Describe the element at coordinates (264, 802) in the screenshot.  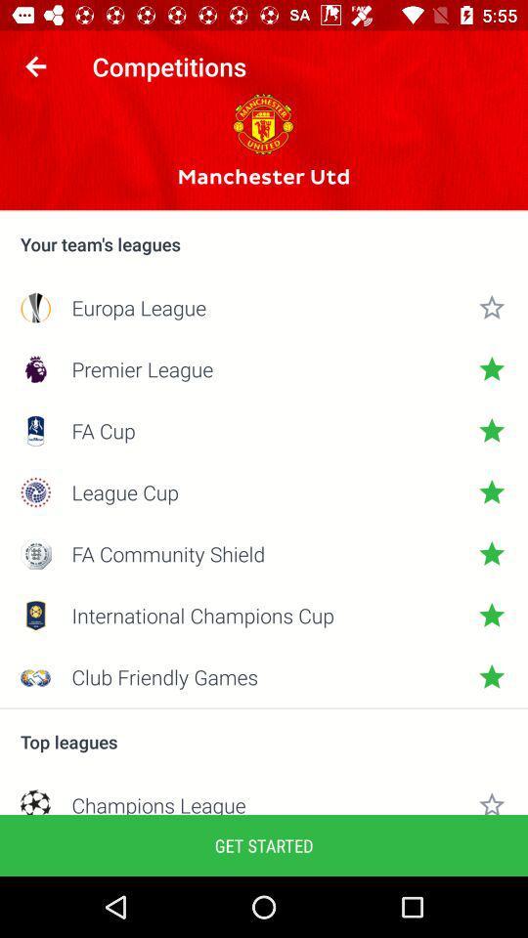
I see `item above the get started item` at that location.